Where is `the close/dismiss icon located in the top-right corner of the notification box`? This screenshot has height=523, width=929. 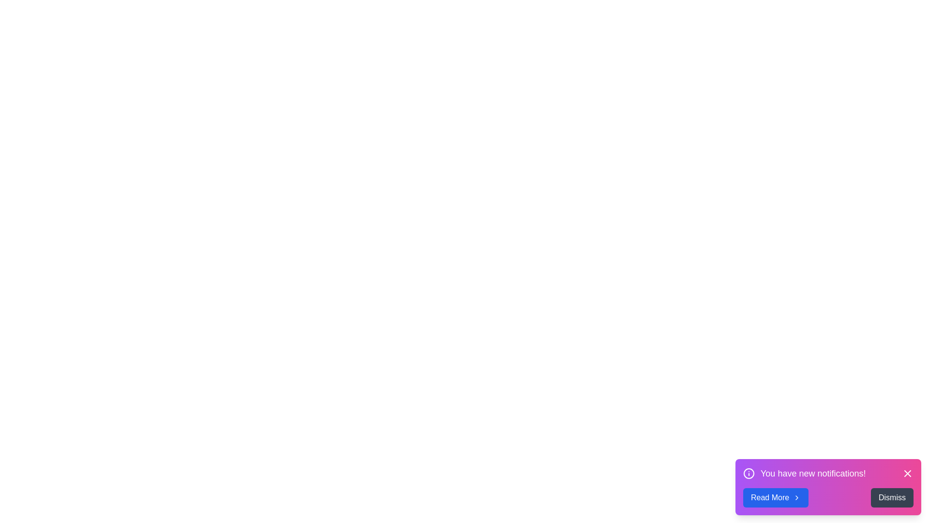
the close/dismiss icon located in the top-right corner of the notification box is located at coordinates (907, 473).